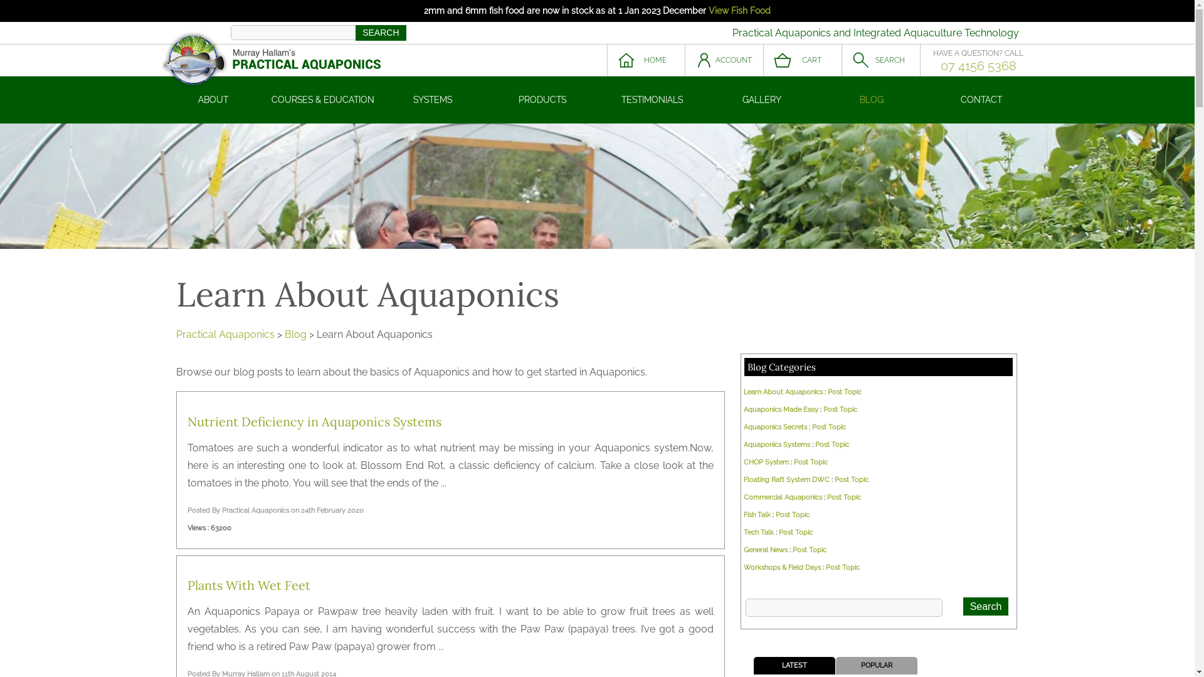  Describe the element at coordinates (843, 496) in the screenshot. I see `'Post Topic'` at that location.